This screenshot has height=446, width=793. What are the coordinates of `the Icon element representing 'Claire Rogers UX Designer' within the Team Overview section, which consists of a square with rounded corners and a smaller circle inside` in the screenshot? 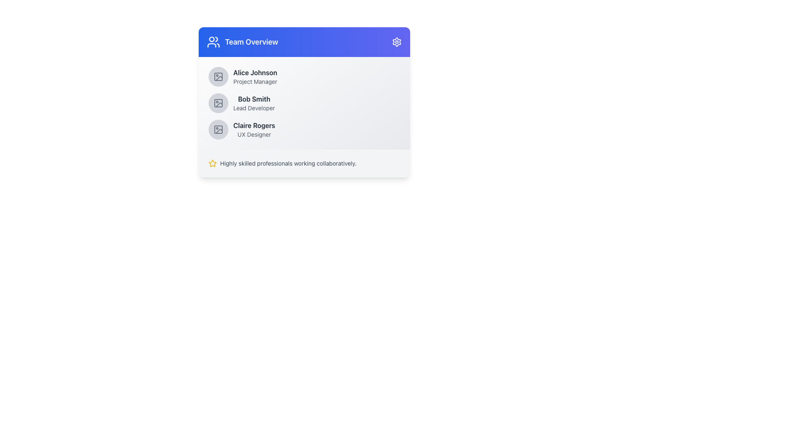 It's located at (218, 129).